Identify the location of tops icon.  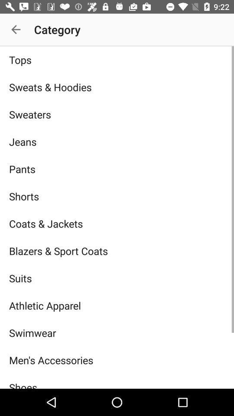
(117, 59).